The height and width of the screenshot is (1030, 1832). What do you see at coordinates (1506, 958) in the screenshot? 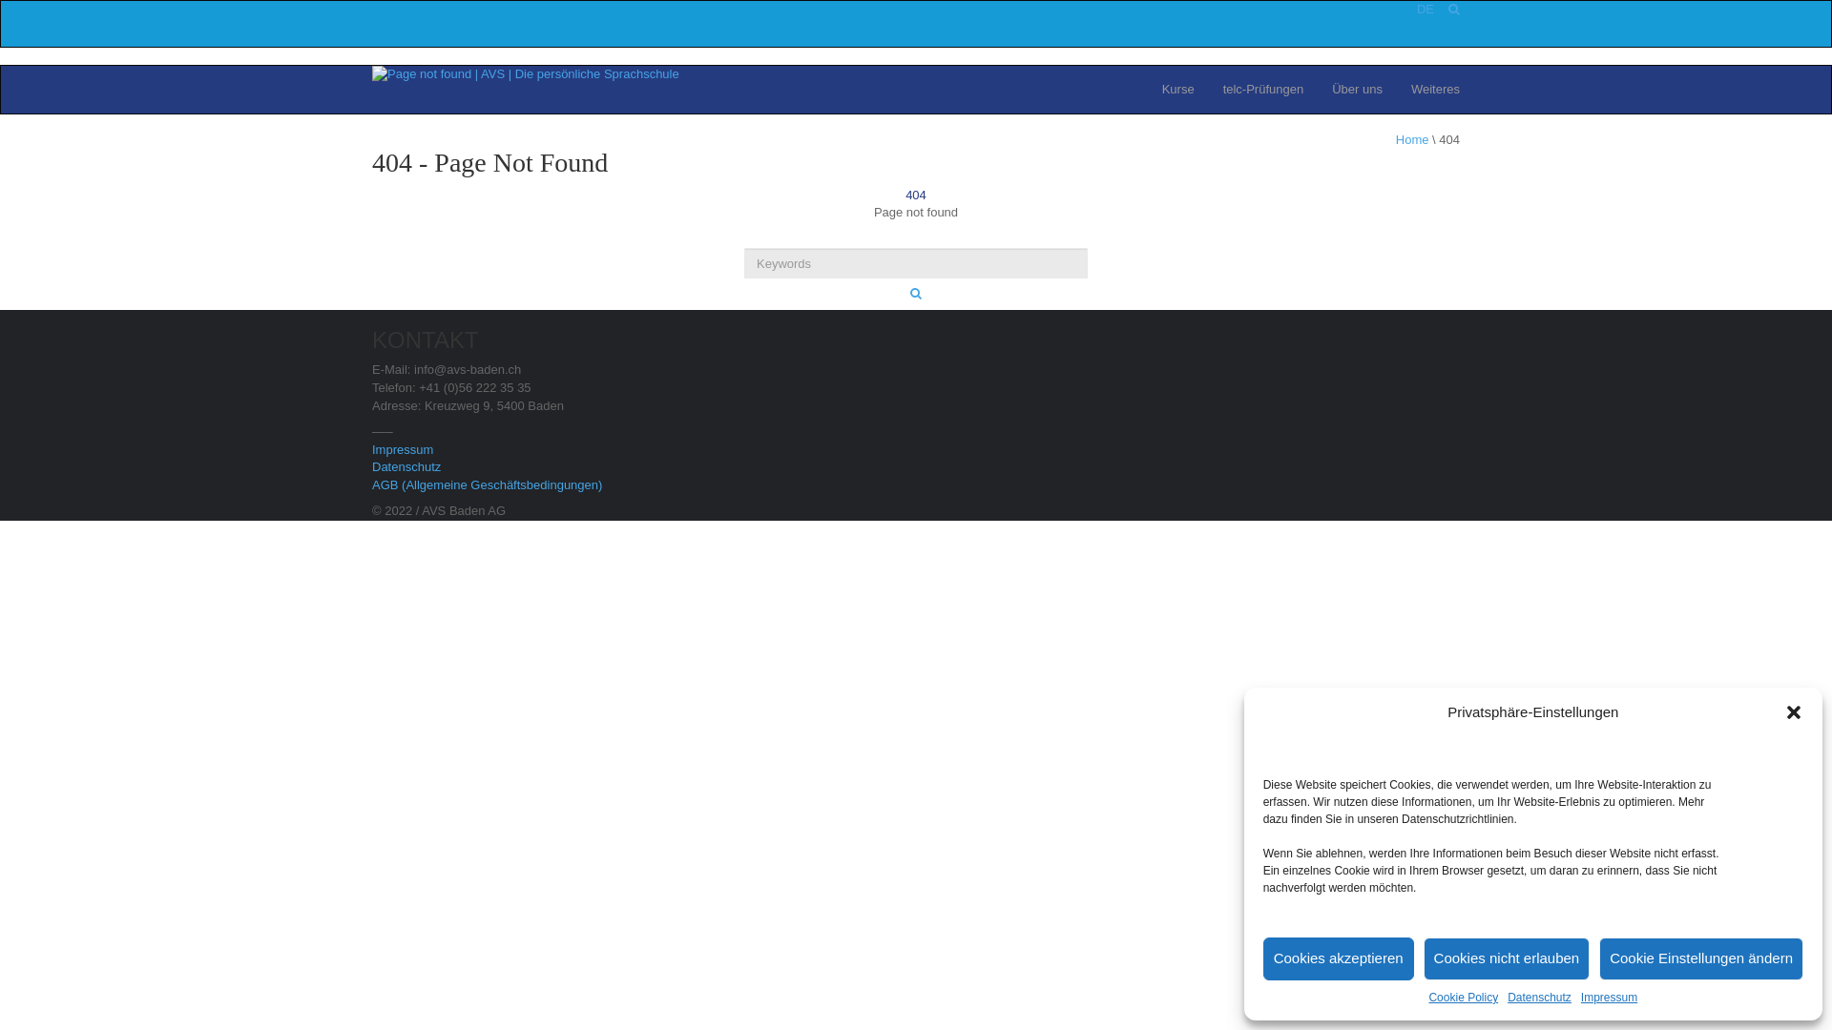
I see `'Cookies nicht erlauben'` at bounding box center [1506, 958].